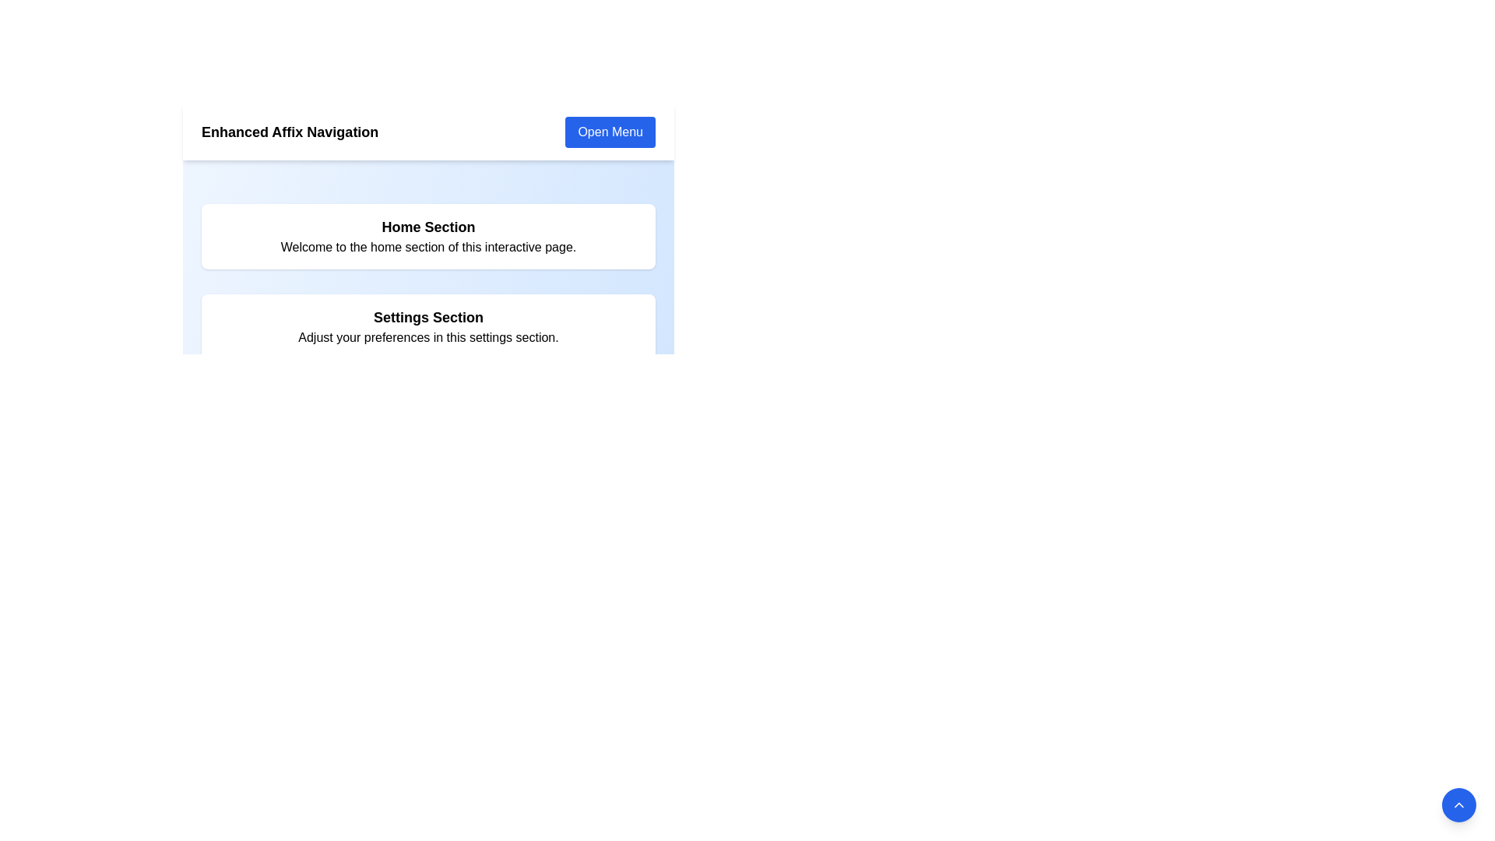 The width and height of the screenshot is (1495, 841). What do you see at coordinates (428, 246) in the screenshot?
I see `the static text element that reads 'Welcome to the home section of this interactive page.', which is located directly below the 'Home Section' header and is centrally aligned within the card` at bounding box center [428, 246].